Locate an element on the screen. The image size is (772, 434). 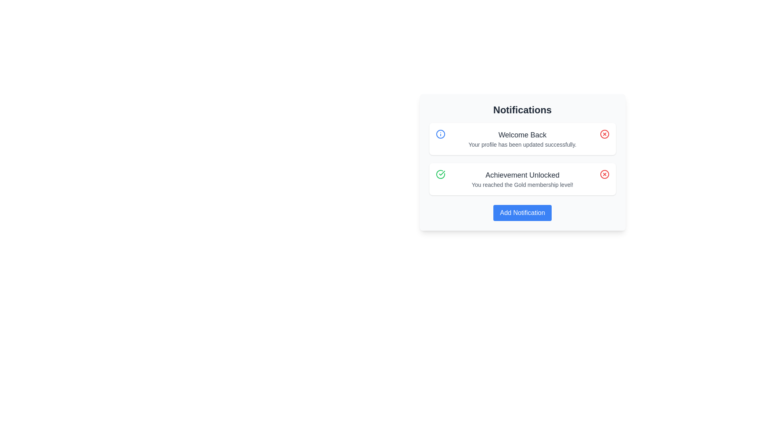
the icon representing a successful action in the second notification item, located to the left of the text 'Achievement Unlocked' is located at coordinates (440, 174).